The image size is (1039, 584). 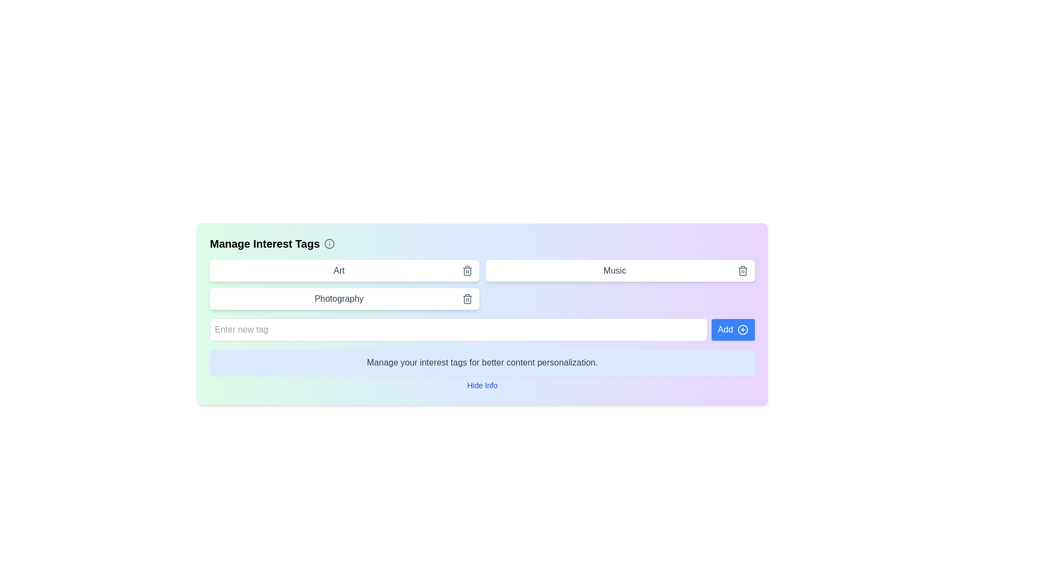 I want to click on the information icon, which has a circular outline and a centered dot, located to the right of the 'Manage Interest Tags' text in the header of the interest tags management section, so click(x=329, y=244).